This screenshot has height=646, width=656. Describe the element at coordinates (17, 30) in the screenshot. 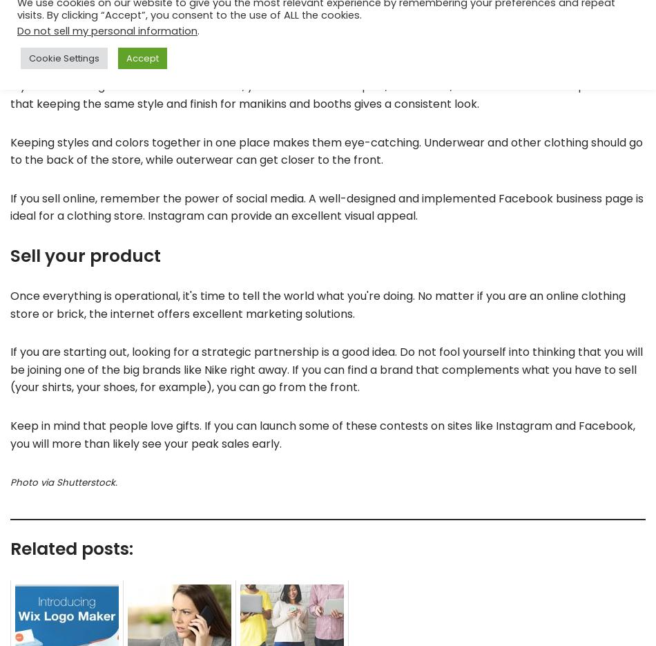

I see `'Do not sell my personal information'` at that location.